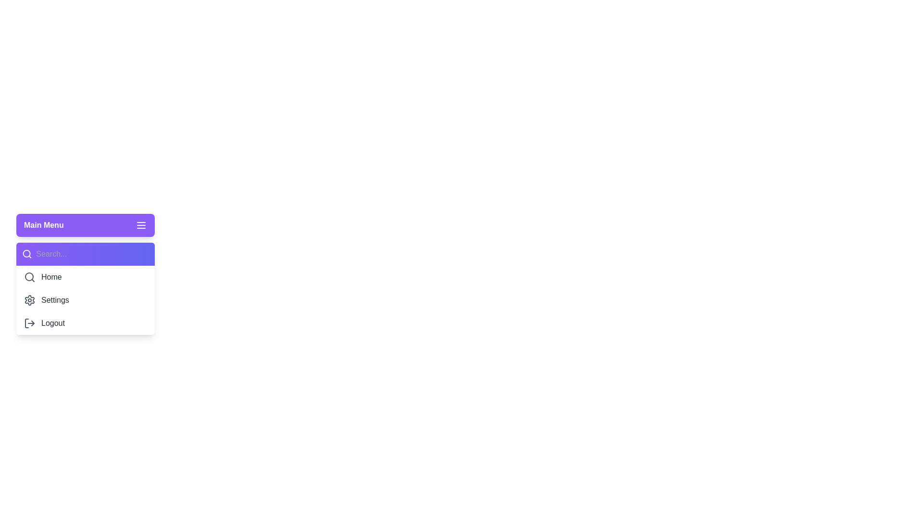 The height and width of the screenshot is (519, 923). I want to click on the 'Home' menu item to navigate to the Home section, so click(85, 277).